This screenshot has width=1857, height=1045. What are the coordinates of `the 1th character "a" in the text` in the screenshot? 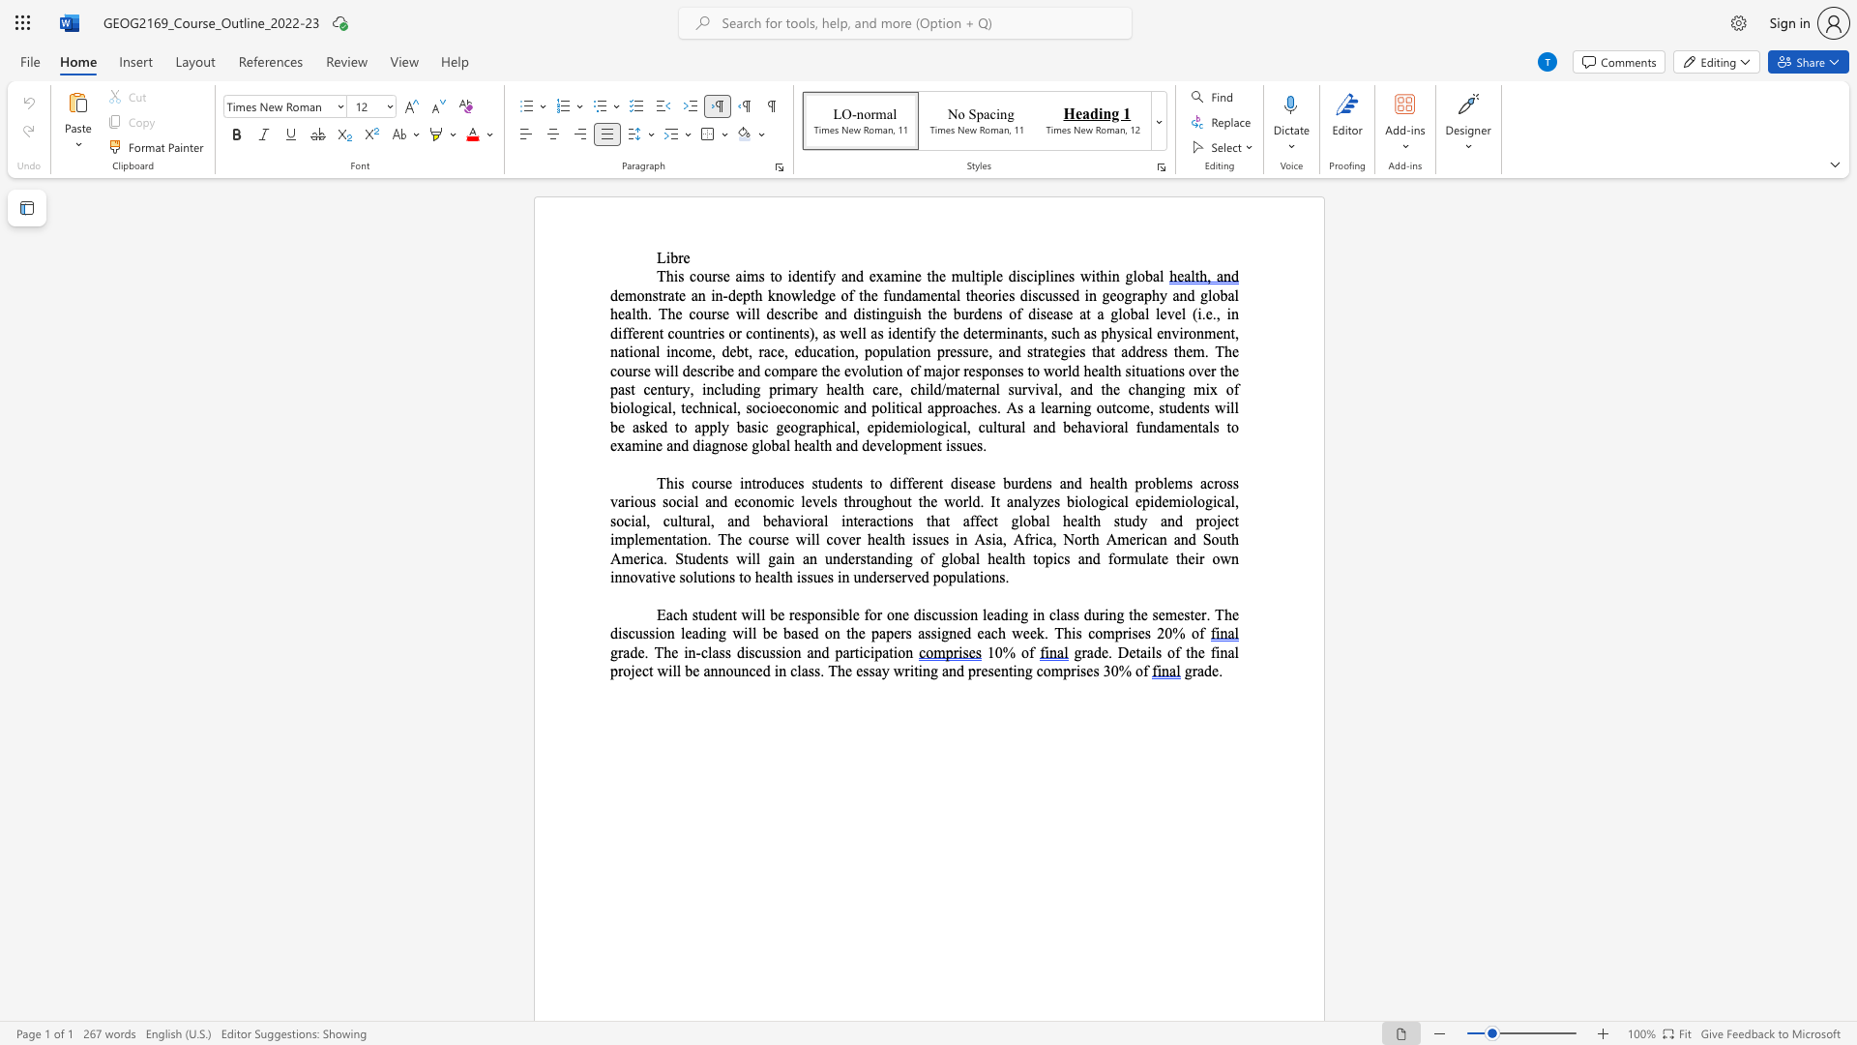 It's located at (1031, 406).